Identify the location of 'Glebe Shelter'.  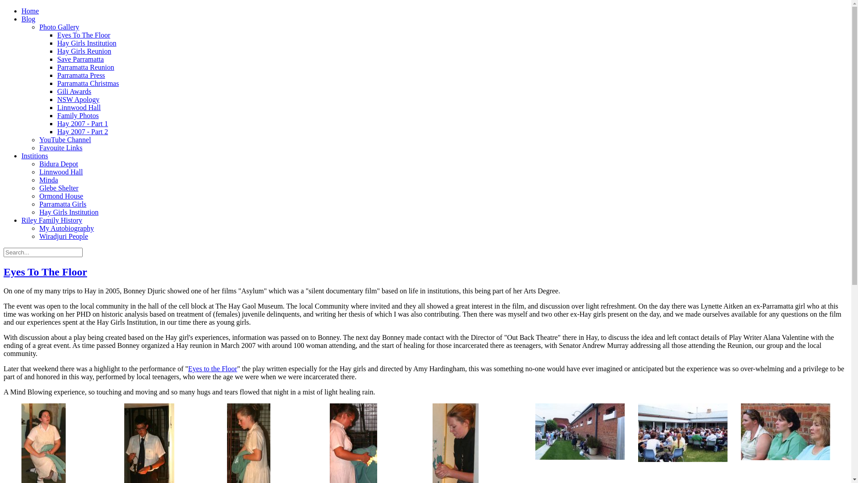
(58, 187).